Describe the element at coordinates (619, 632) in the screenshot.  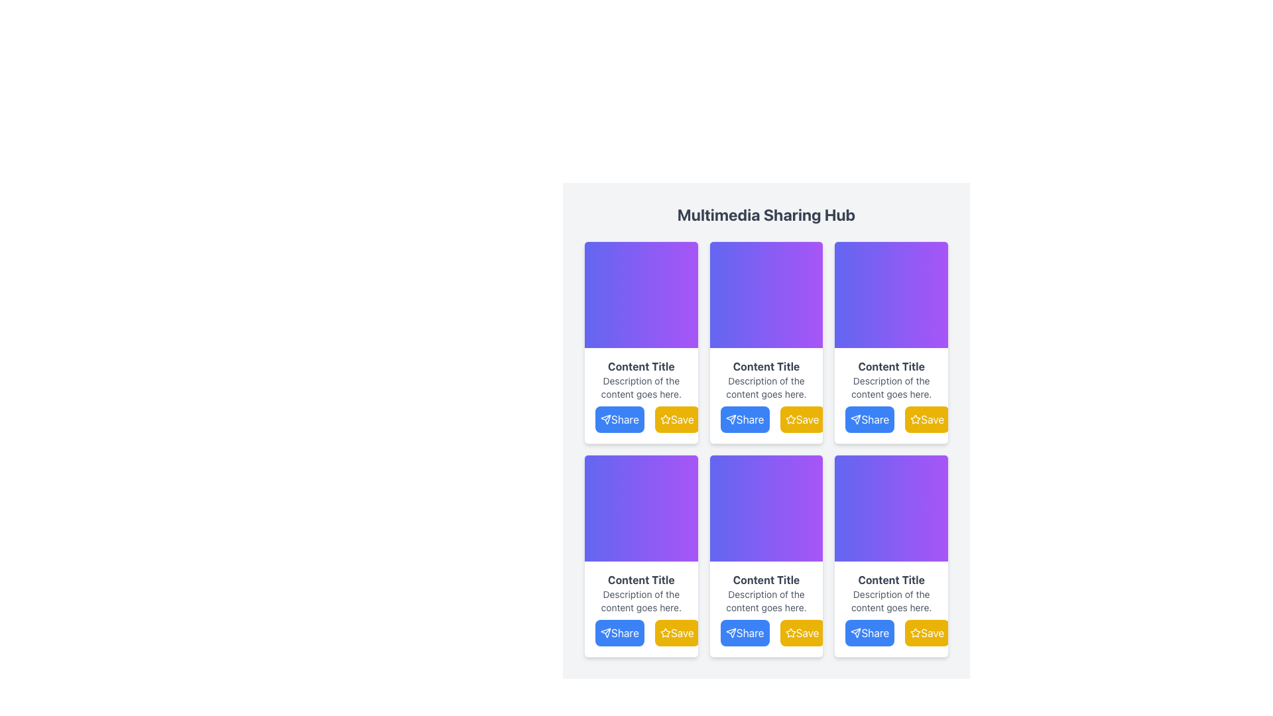
I see `the 'Share' button, which is a blue rectangular button with white text and a paper plane icon, located at the bottom left of a content card in the second row and first column of a 3x3 grid layout` at that location.